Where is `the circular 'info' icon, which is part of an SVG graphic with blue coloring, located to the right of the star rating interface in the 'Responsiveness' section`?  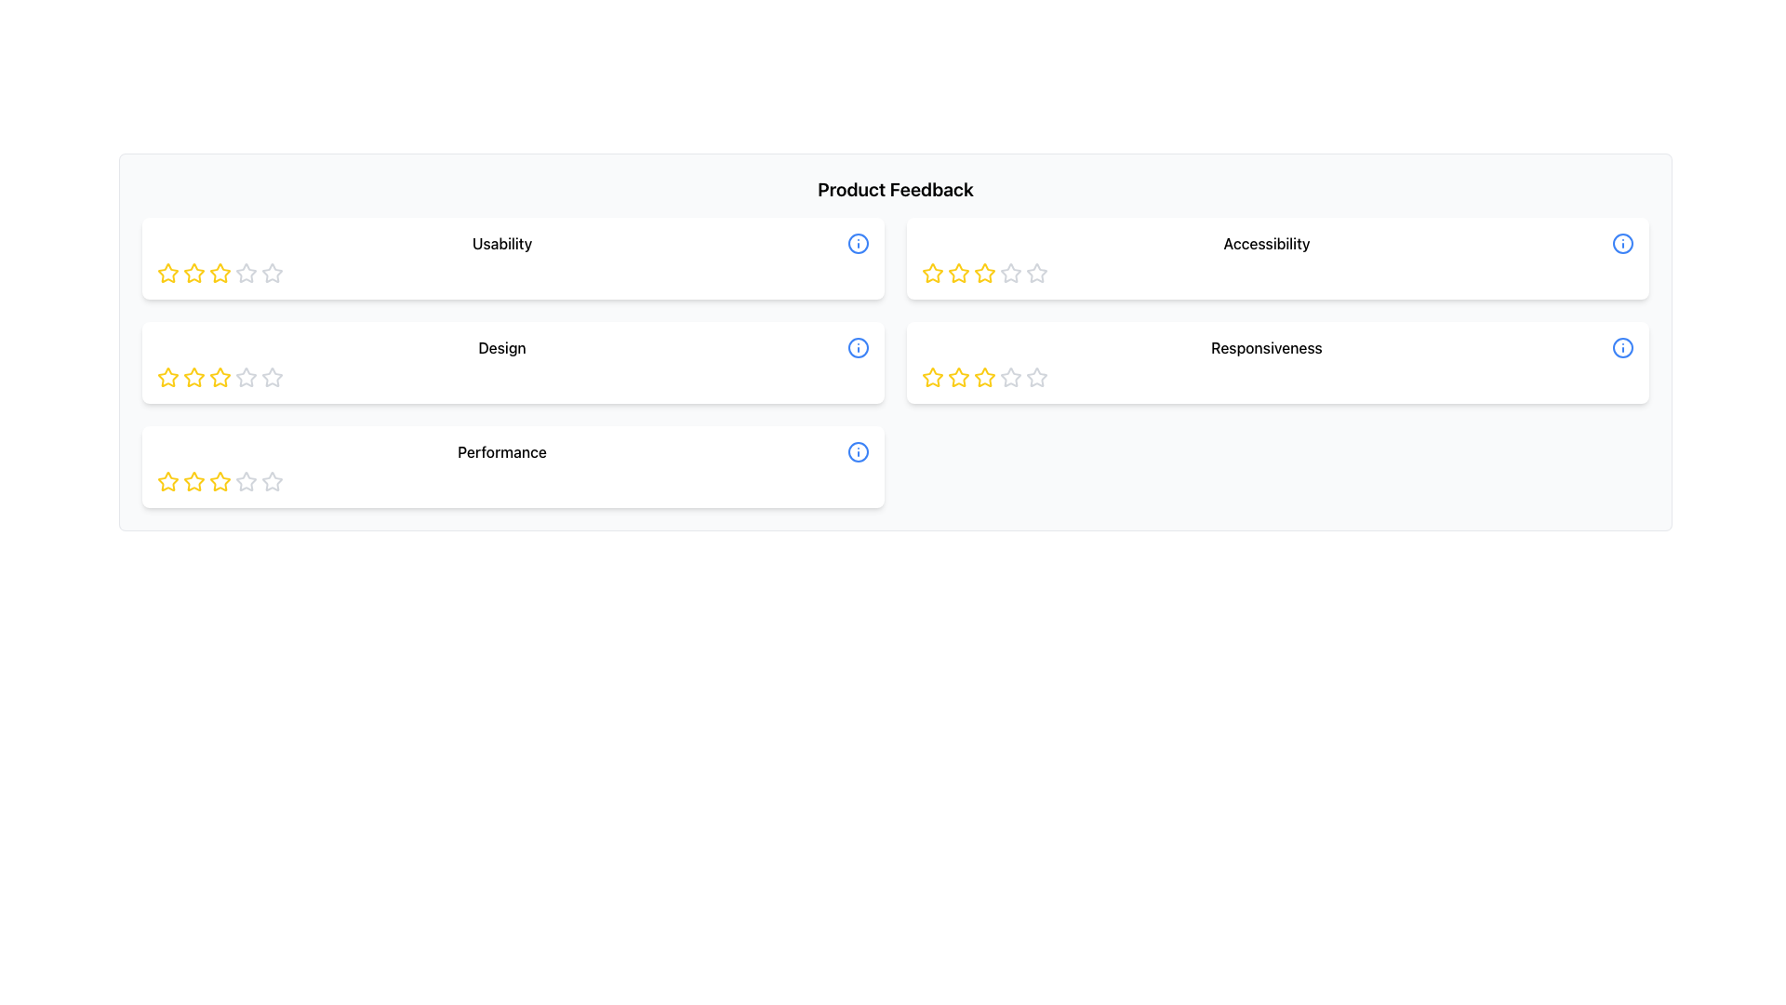 the circular 'info' icon, which is part of an SVG graphic with blue coloring, located to the right of the star rating interface in the 'Responsiveness' section is located at coordinates (1622, 348).